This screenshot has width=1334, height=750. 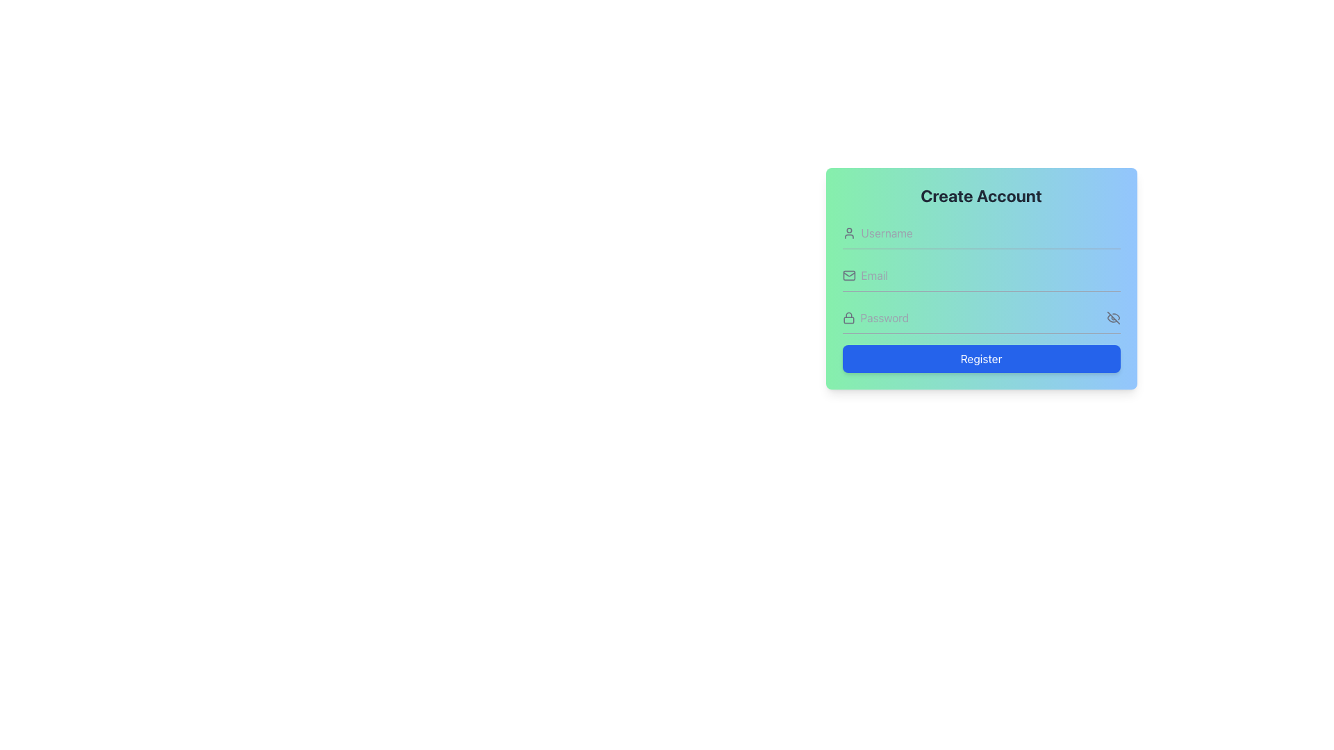 I want to click on the small user icon in outline style, which is gray on a light green background, located in the first row of a form layout to the left of the 'Username' input field, so click(x=848, y=232).